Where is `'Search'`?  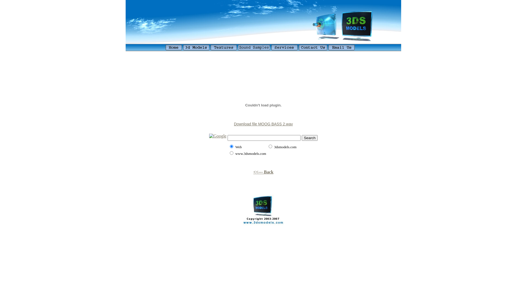
'Search' is located at coordinates (309, 137).